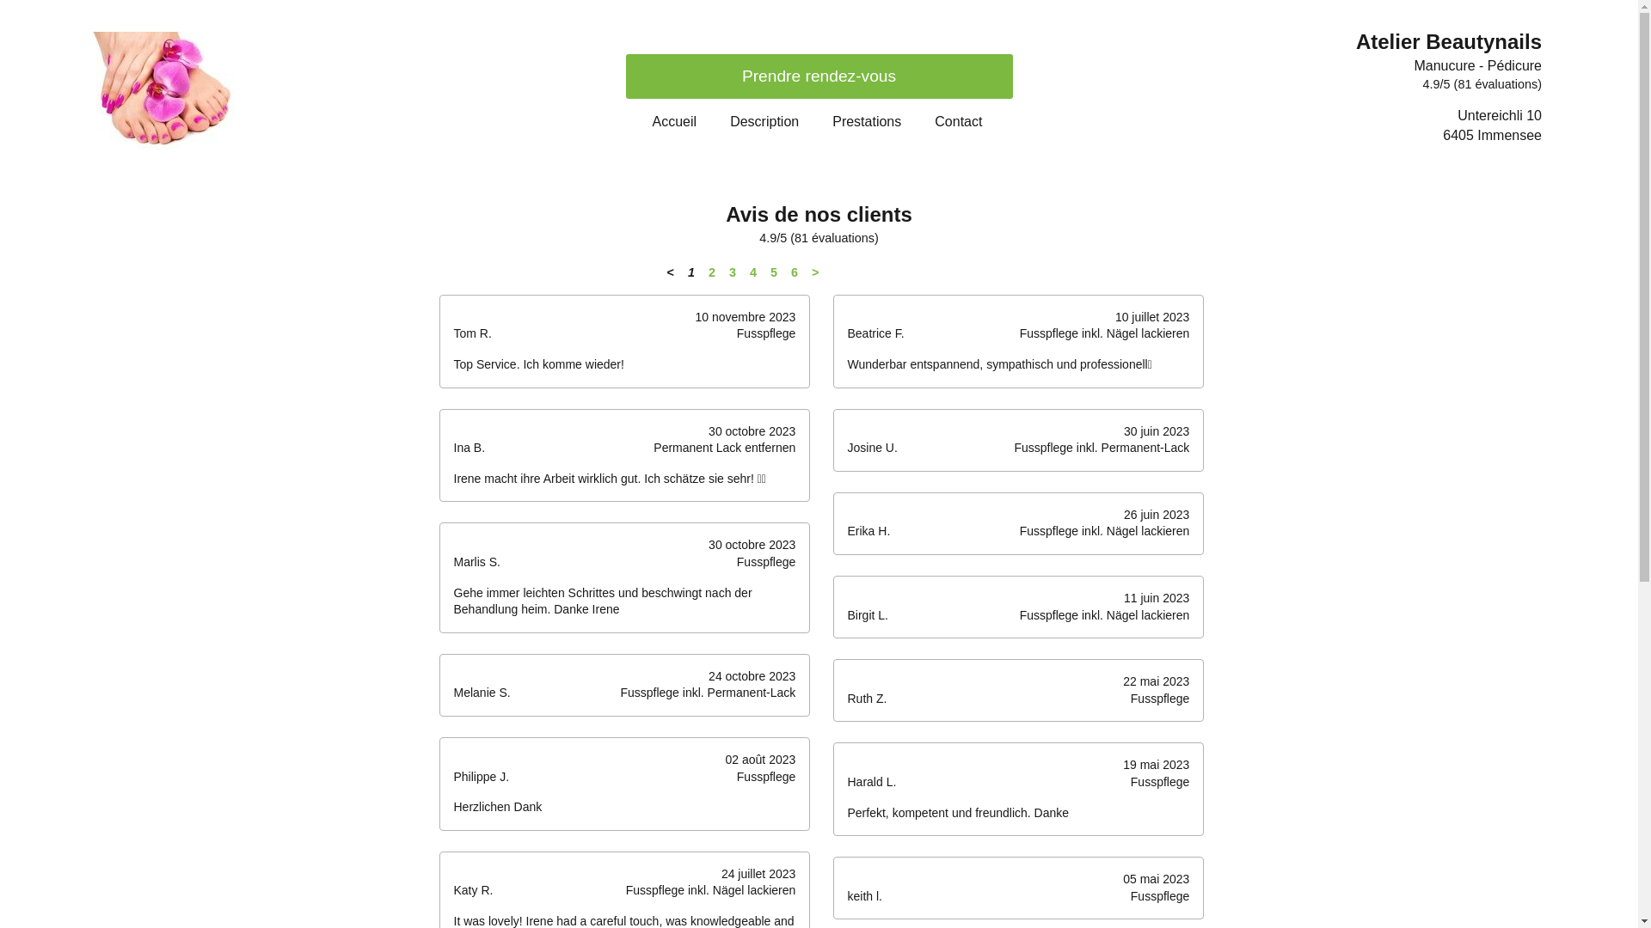 Image resolution: width=1651 pixels, height=928 pixels. Describe the element at coordinates (957, 120) in the screenshot. I see `'Contact'` at that location.